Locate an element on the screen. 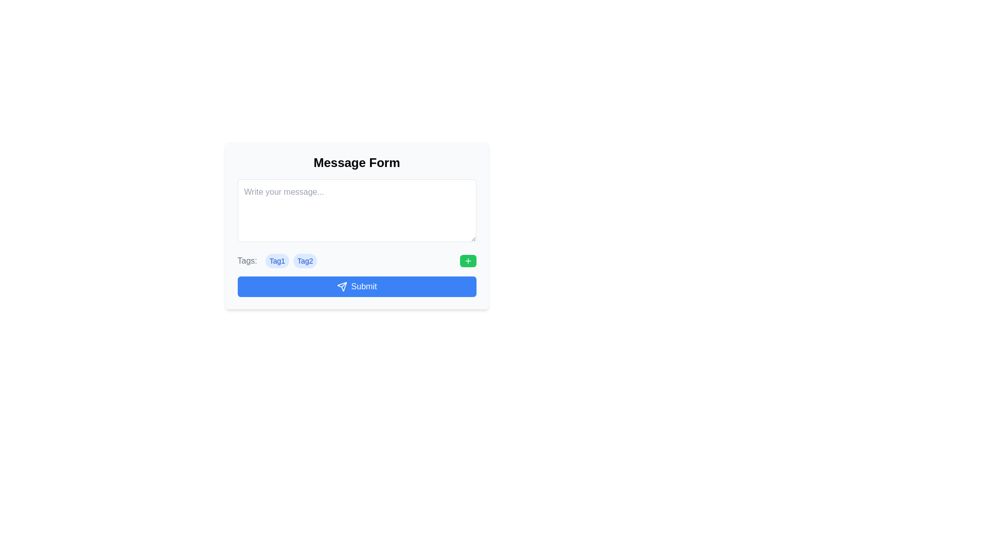 This screenshot has width=988, height=555. the clickable add button for adding new tags located on the right side of the 'Tags:' text input area is located at coordinates (467, 261).